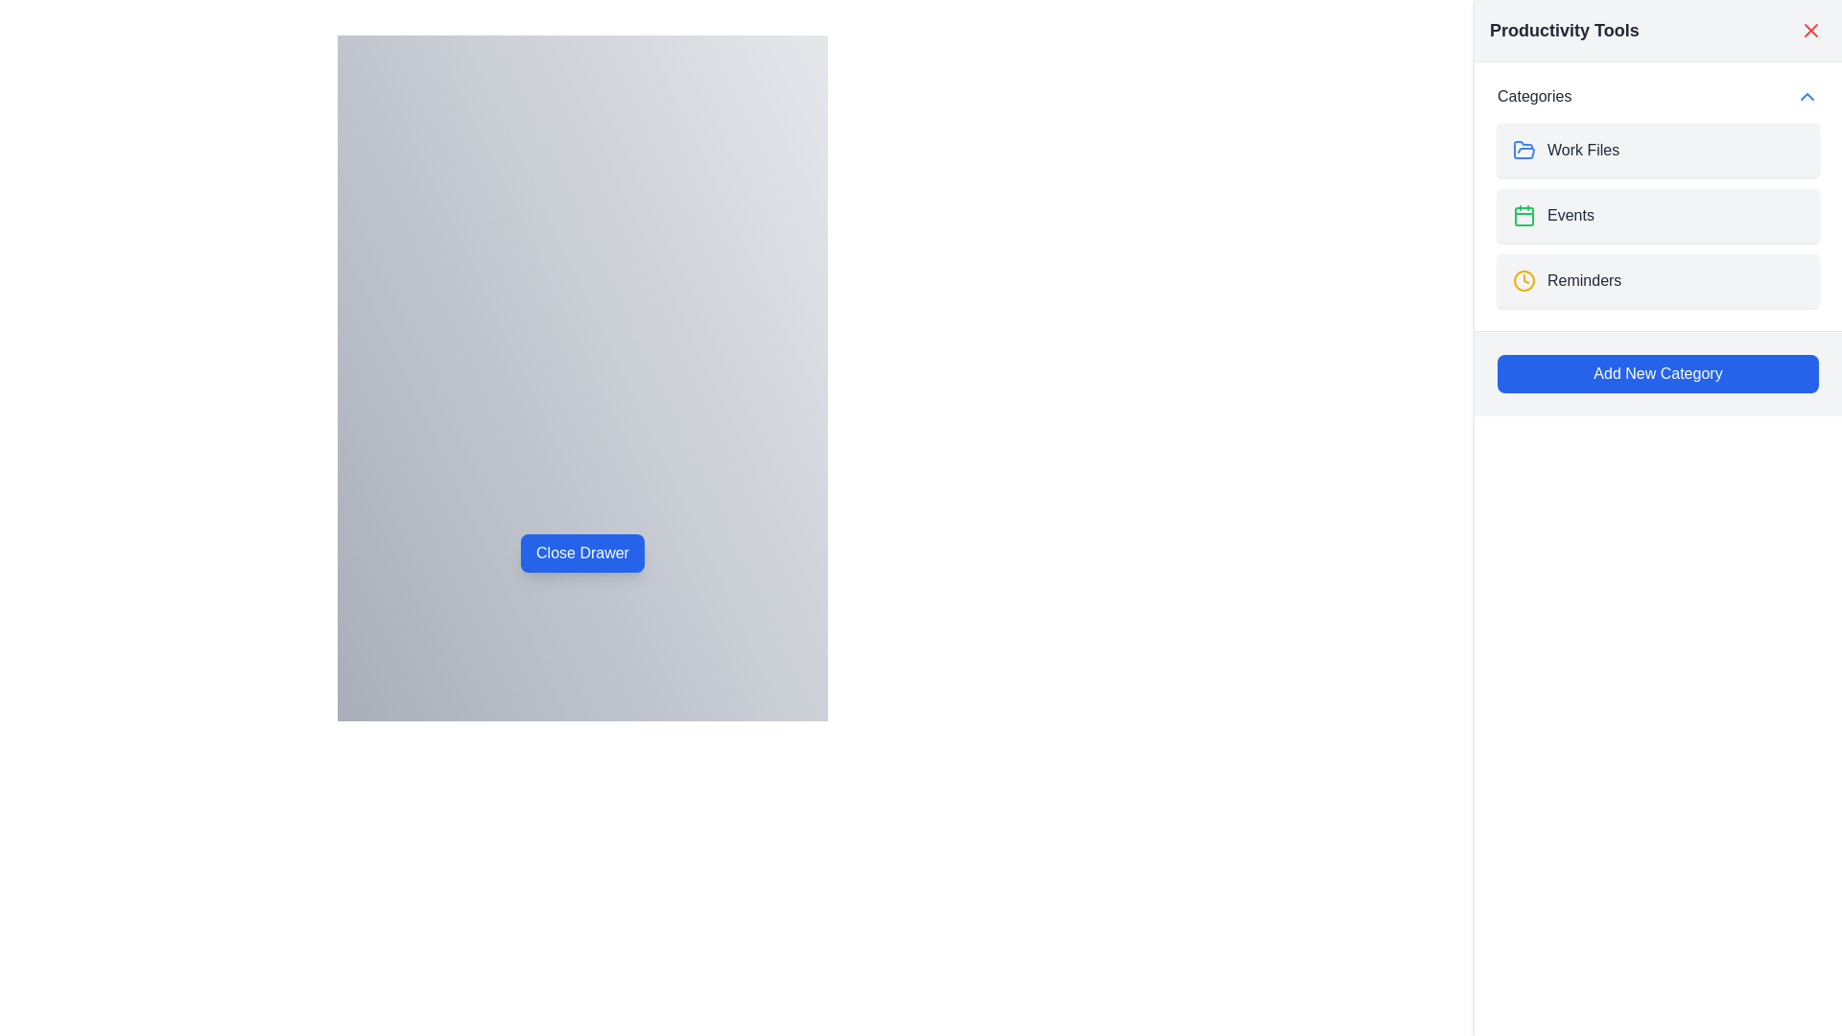  What do you see at coordinates (1523, 150) in the screenshot?
I see `the 'Work Files' category icon located in the sidebar, adjacent` at bounding box center [1523, 150].